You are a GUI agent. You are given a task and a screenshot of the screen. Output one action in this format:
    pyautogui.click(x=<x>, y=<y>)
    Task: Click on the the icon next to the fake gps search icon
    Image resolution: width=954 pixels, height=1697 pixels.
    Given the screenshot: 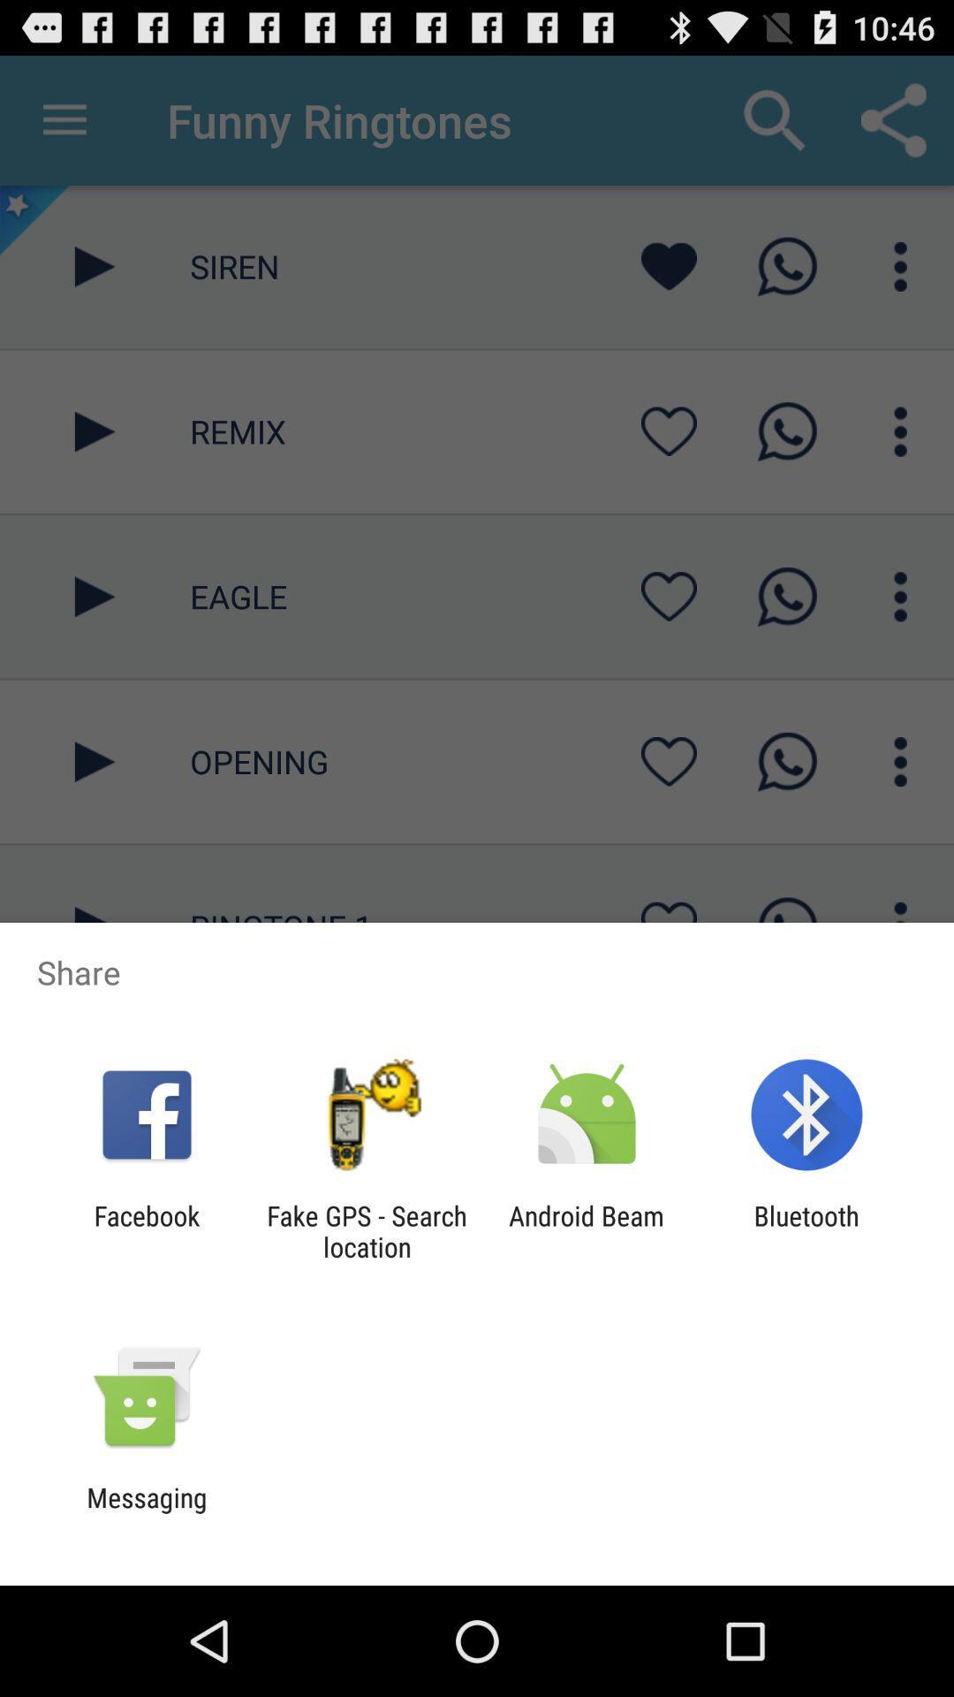 What is the action you would take?
    pyautogui.click(x=146, y=1230)
    